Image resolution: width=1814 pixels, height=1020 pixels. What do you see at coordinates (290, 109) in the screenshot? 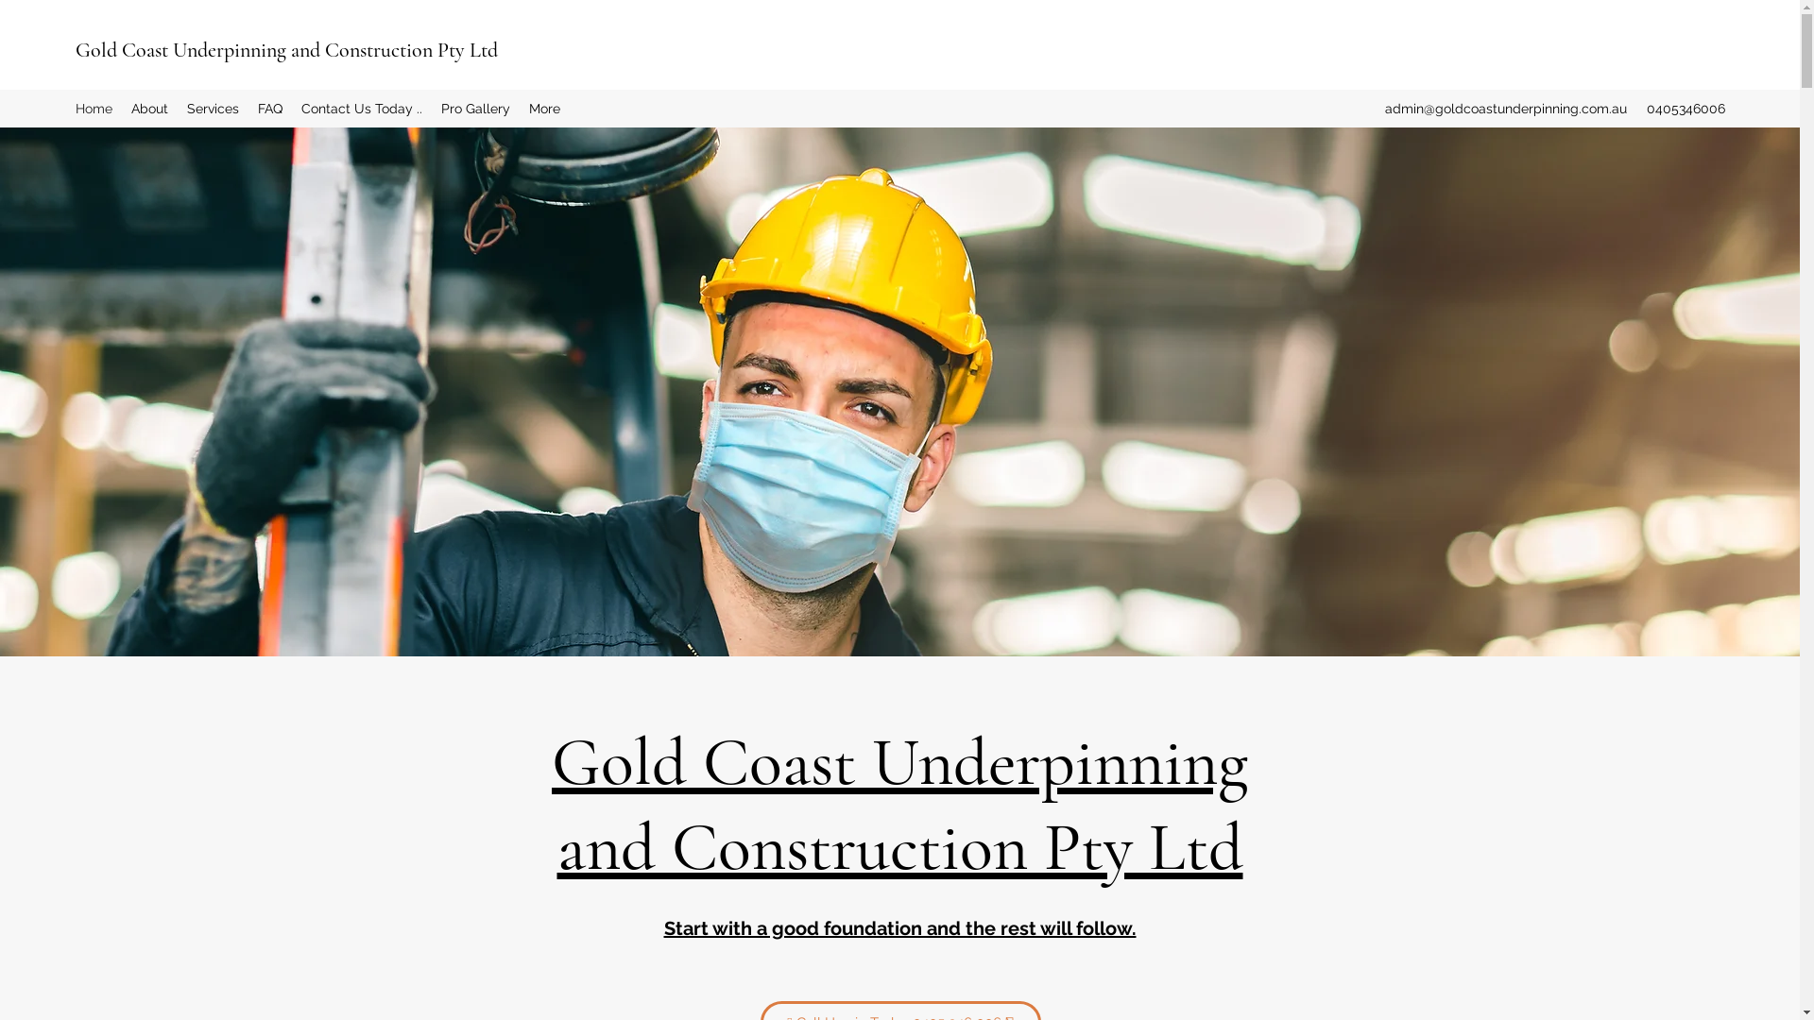
I see `'Contact Us Today ..'` at bounding box center [290, 109].